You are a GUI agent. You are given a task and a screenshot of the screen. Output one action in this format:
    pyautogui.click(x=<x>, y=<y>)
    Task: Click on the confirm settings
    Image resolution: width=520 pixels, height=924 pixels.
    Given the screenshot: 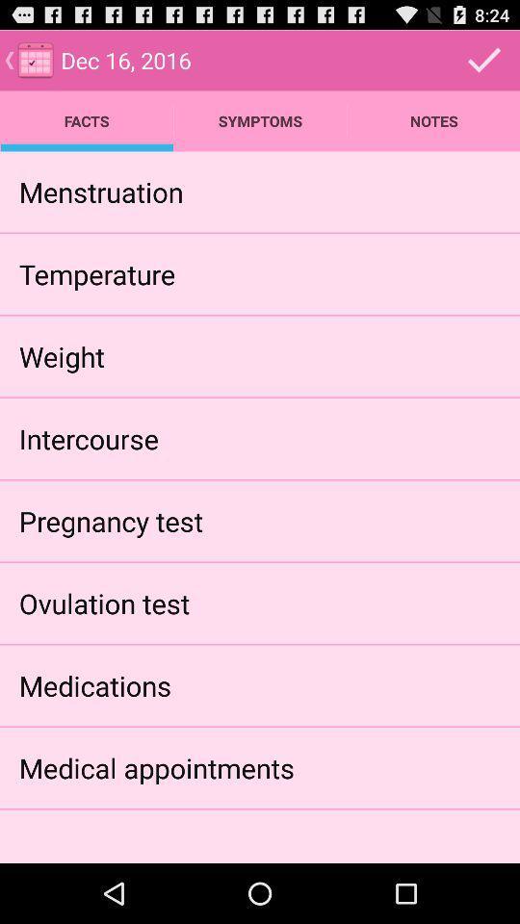 What is the action you would take?
    pyautogui.click(x=483, y=60)
    